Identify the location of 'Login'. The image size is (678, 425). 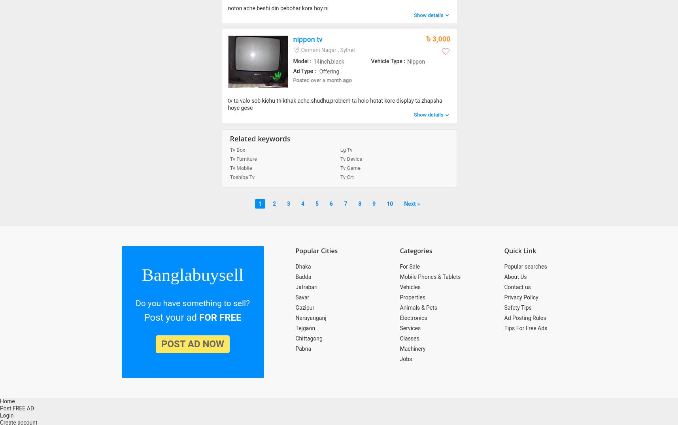
(6, 415).